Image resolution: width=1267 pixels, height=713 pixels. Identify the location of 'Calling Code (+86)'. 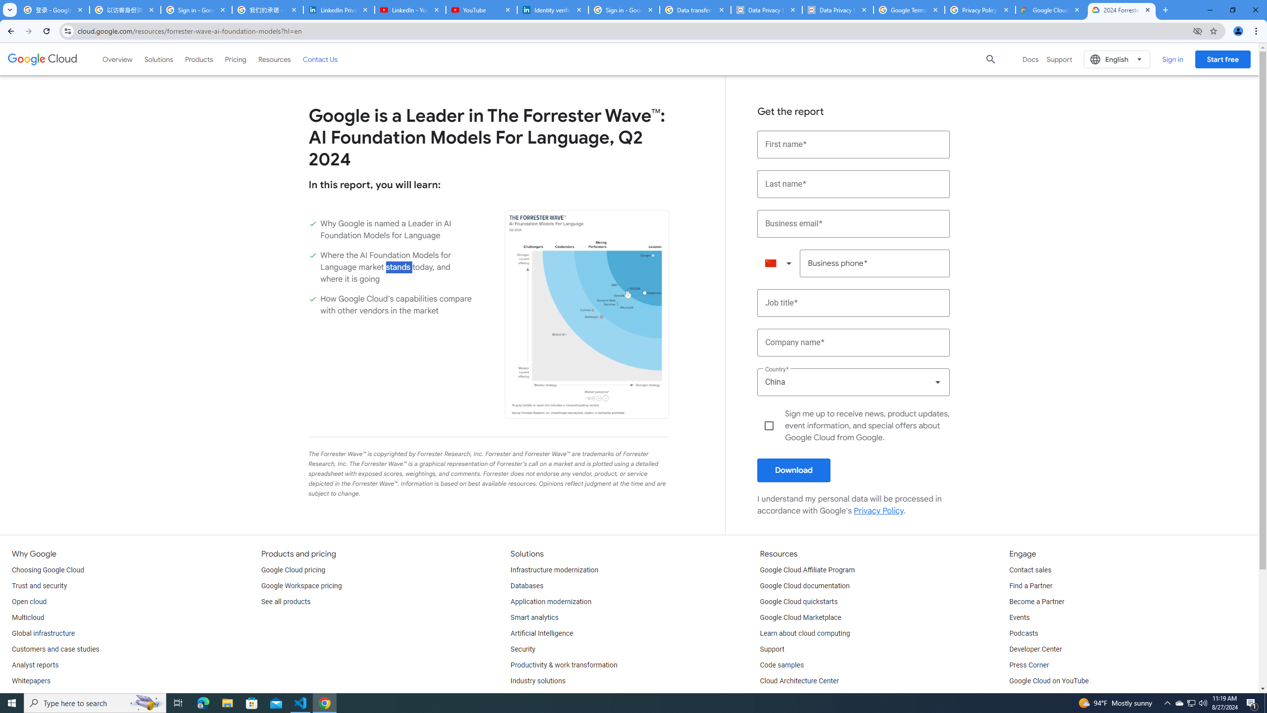
(779, 263).